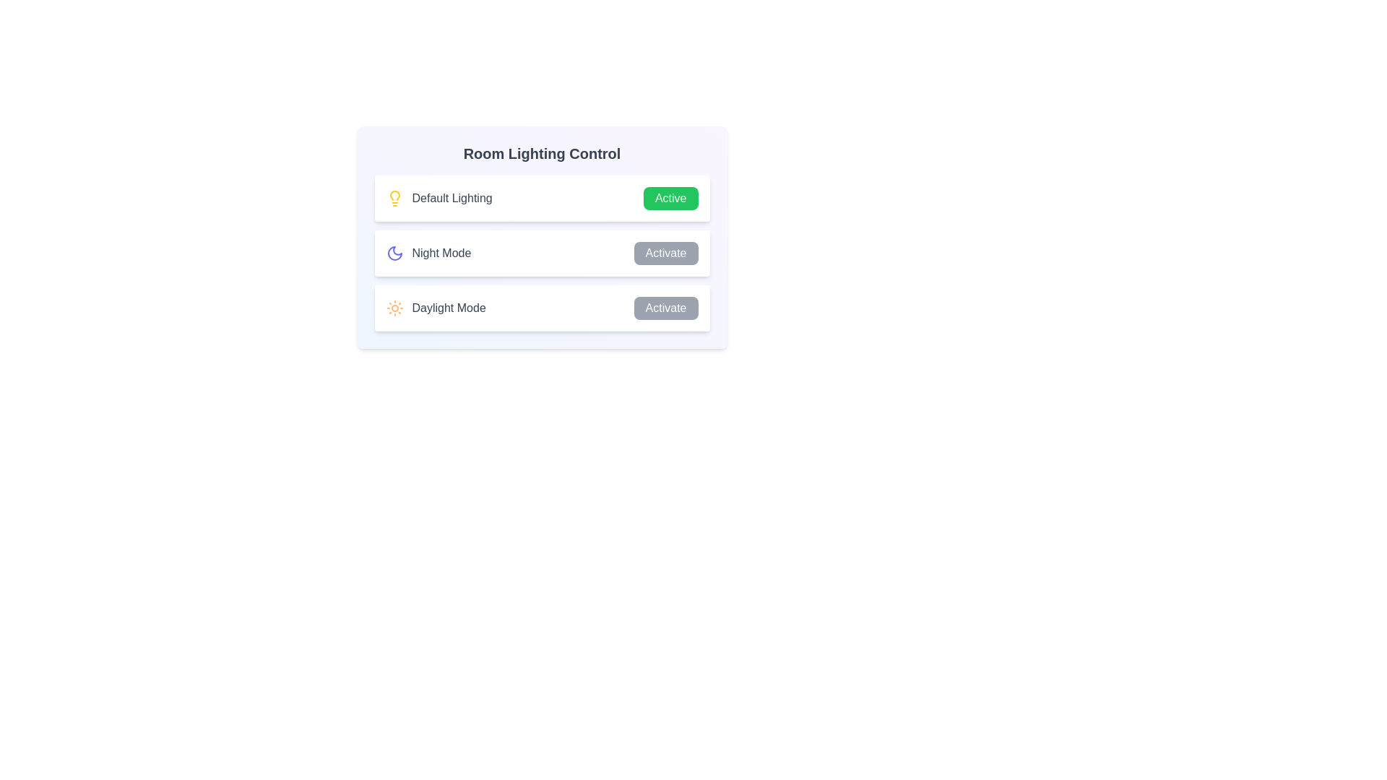 Image resolution: width=1387 pixels, height=780 pixels. What do you see at coordinates (665, 308) in the screenshot?
I see `the 'Activate' button for 'Daylight Mode' to change the lighting mode` at bounding box center [665, 308].